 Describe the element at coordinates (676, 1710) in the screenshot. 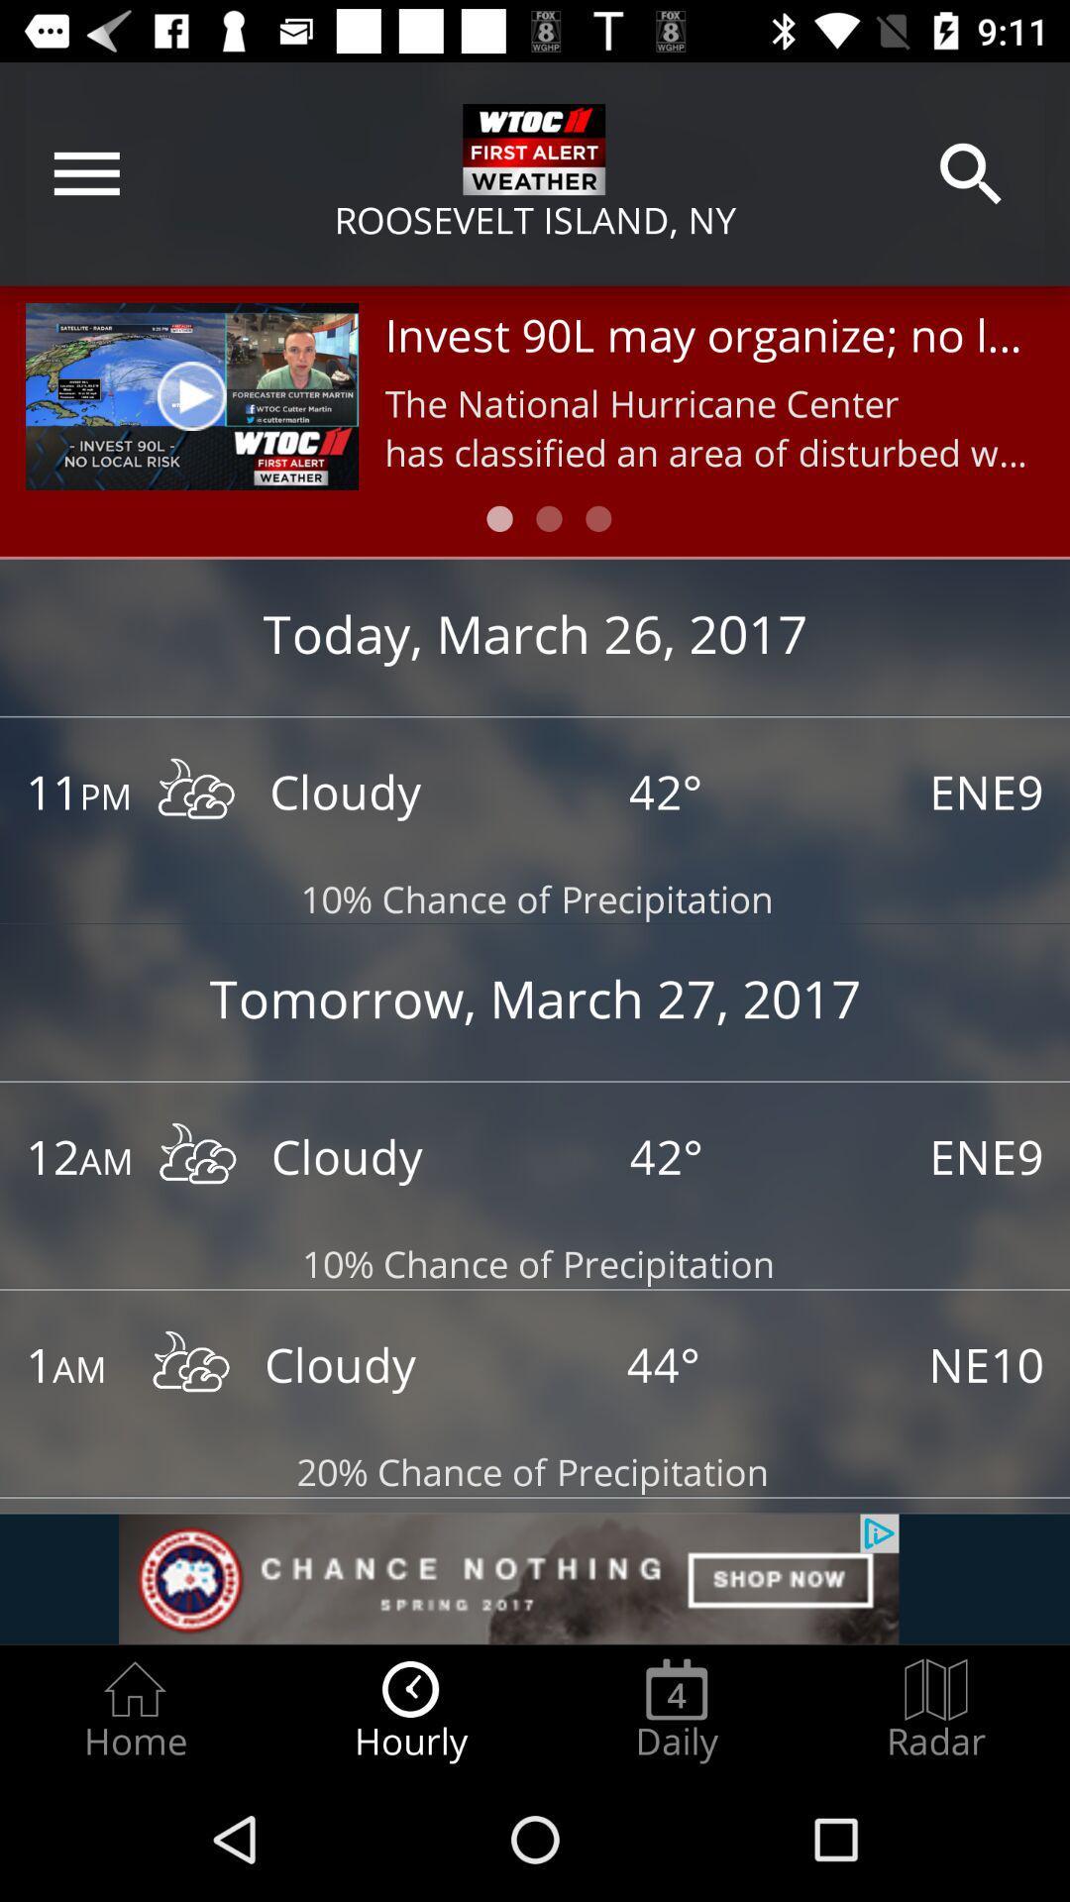

I see `the icon to the left of the radar item` at that location.